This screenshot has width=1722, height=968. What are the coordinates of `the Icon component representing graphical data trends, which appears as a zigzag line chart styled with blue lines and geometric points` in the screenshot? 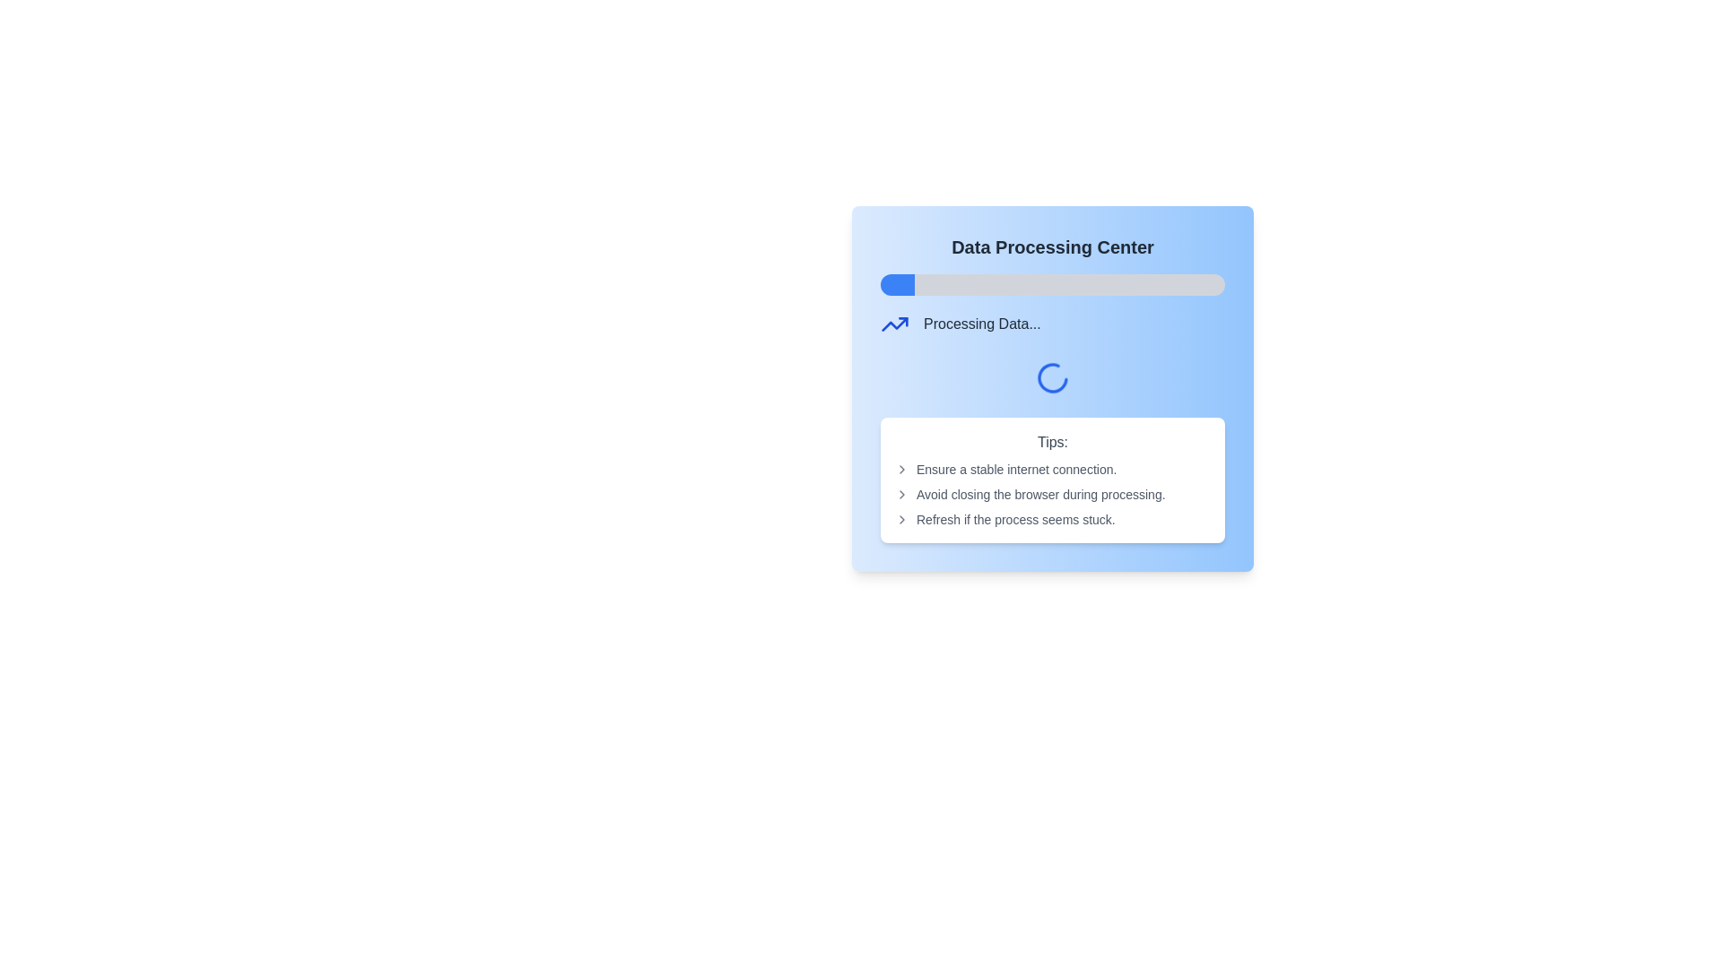 It's located at (895, 324).